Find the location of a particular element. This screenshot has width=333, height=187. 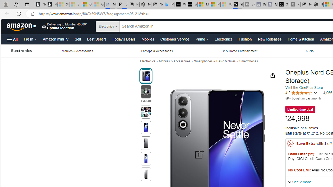

'Fresh' is located at coordinates (30, 39).